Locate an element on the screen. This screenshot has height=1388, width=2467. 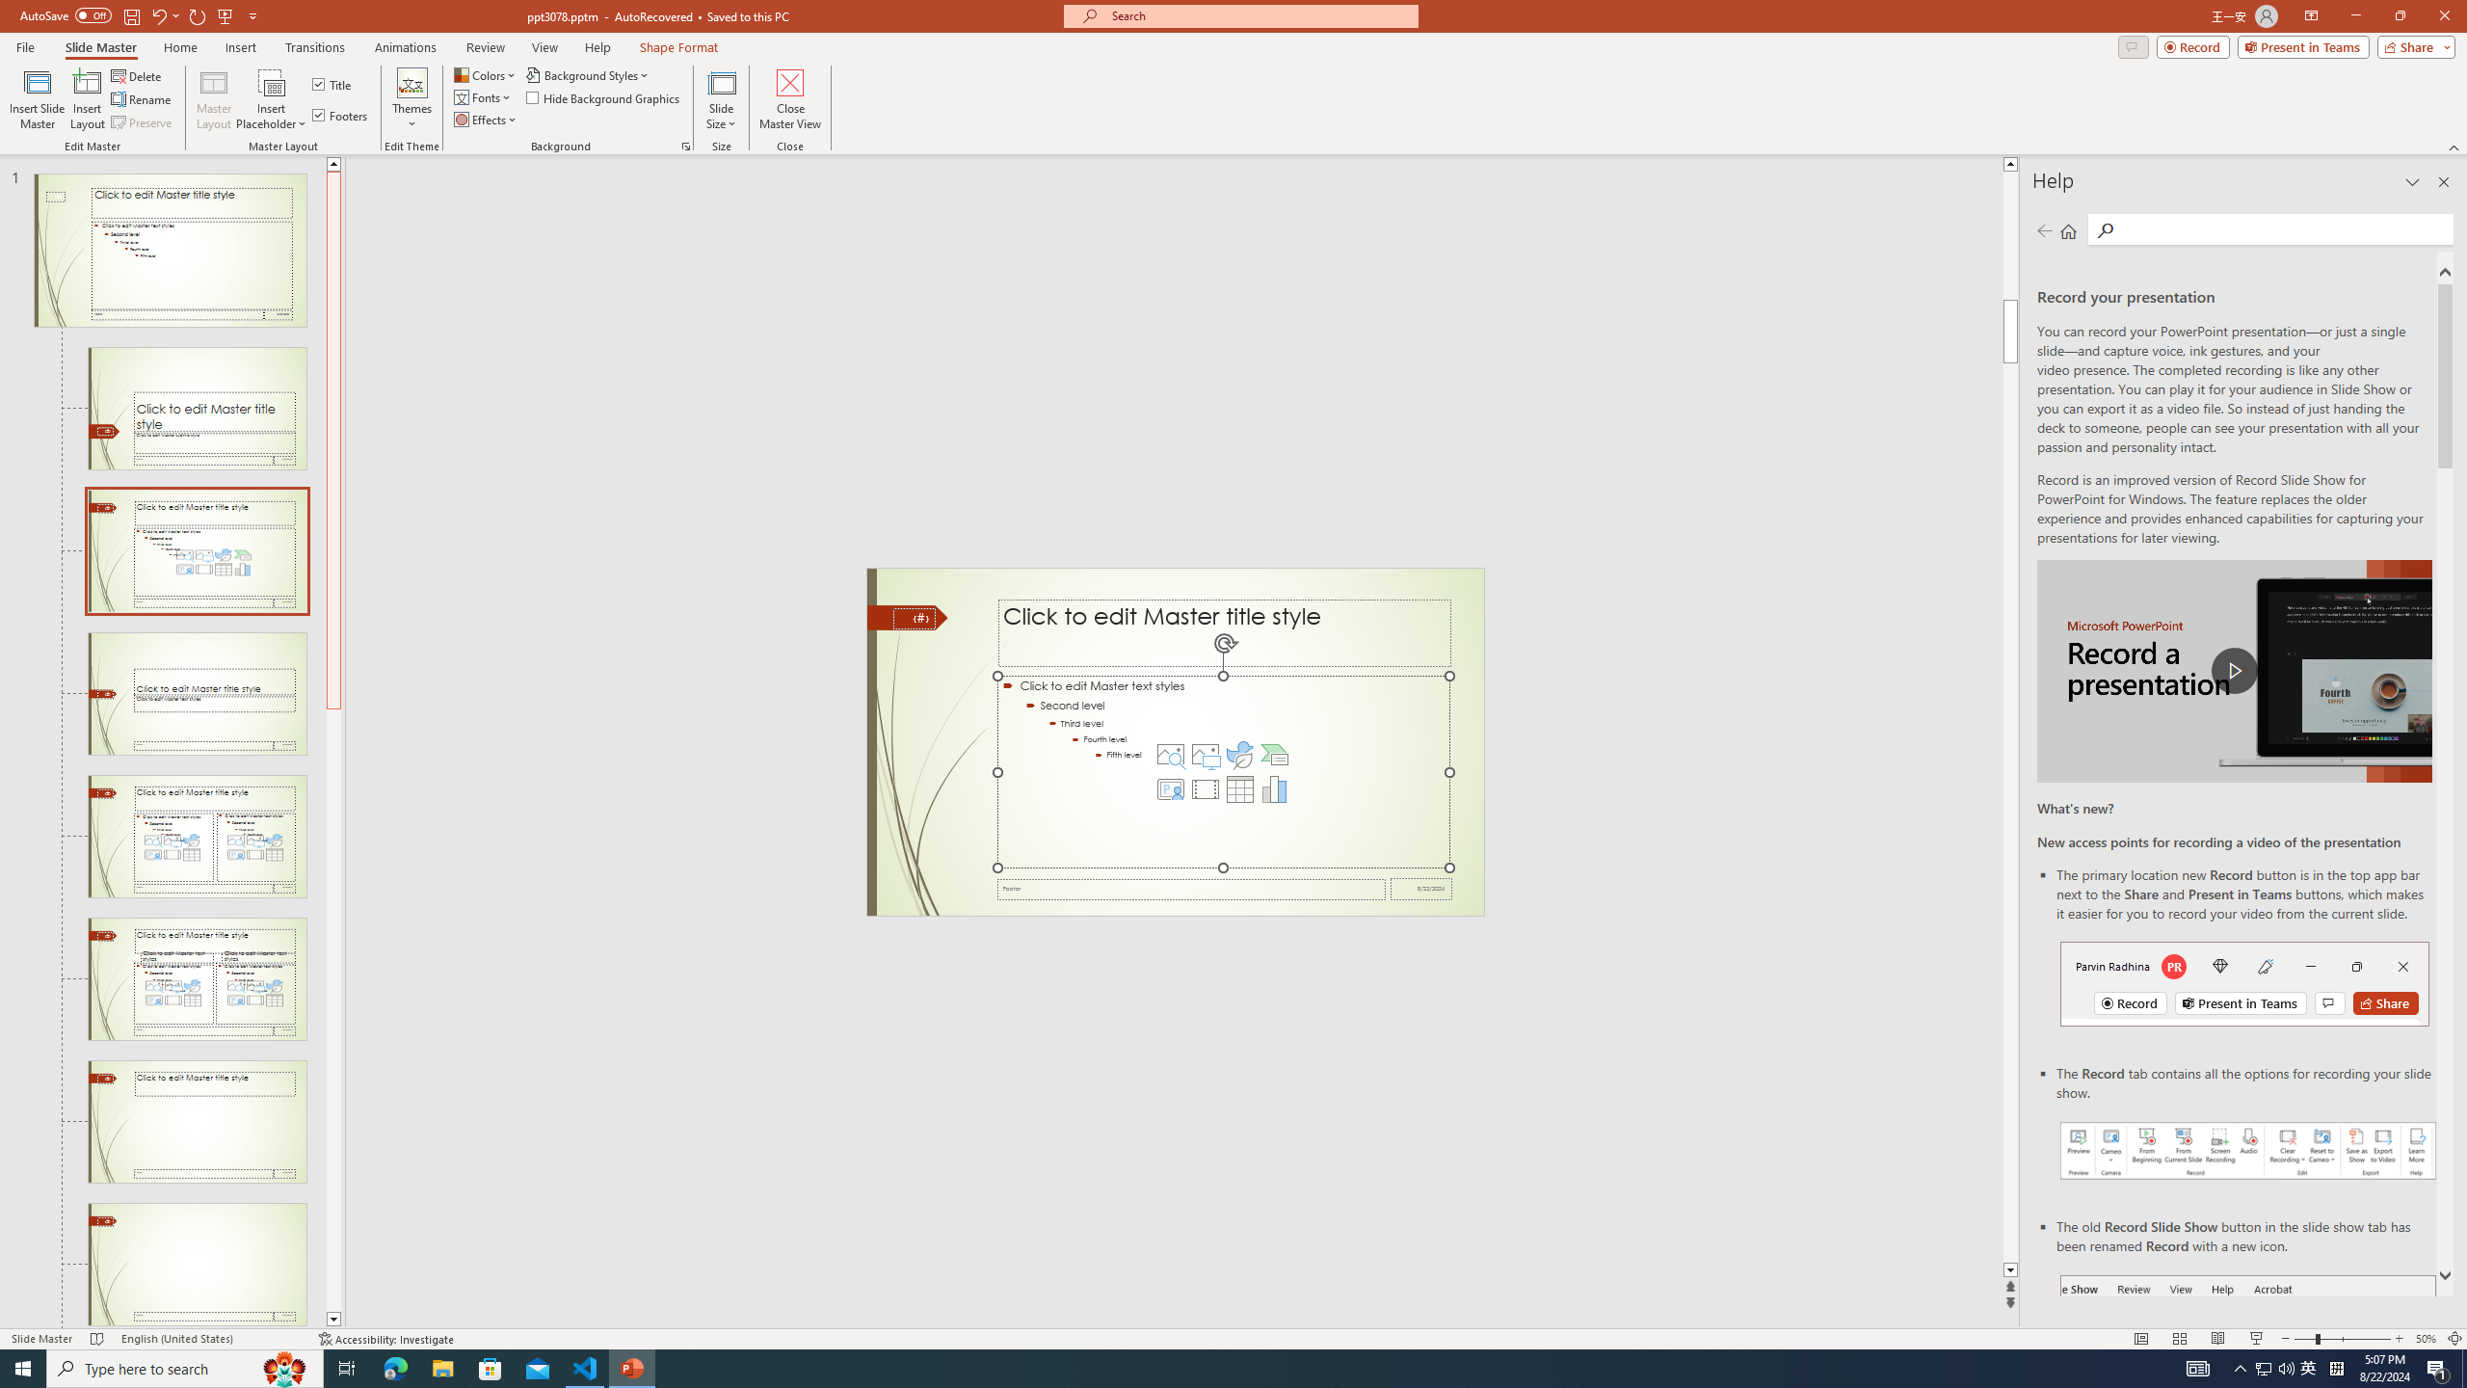
'Insert Video' is located at coordinates (1205, 789).